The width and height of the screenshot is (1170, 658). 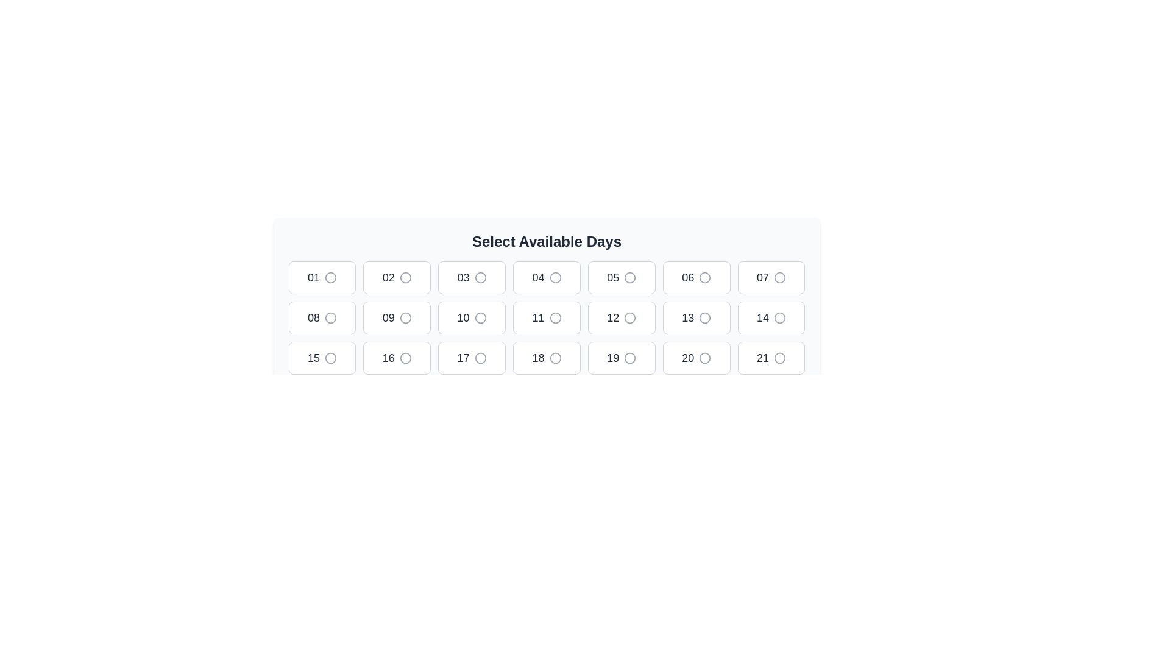 What do you see at coordinates (388, 277) in the screenshot?
I see `the Static Number Label displaying '02', which is styled in bold and medium-sized dark gray font, located in the second cell of the first row of the grid layout` at bounding box center [388, 277].